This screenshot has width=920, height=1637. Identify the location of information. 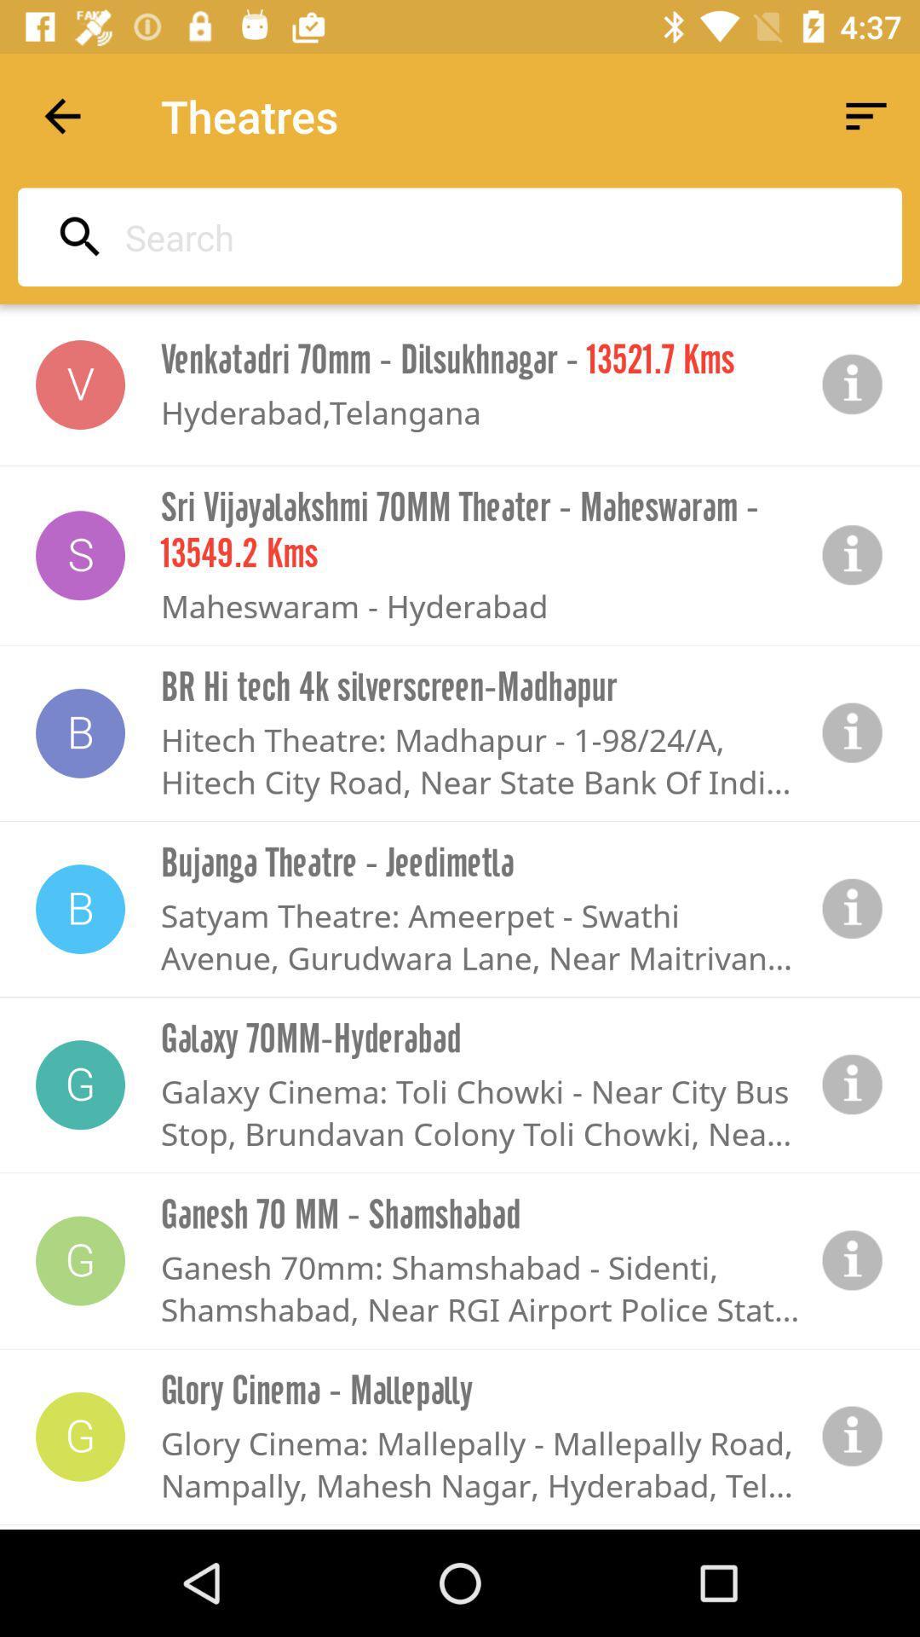
(853, 384).